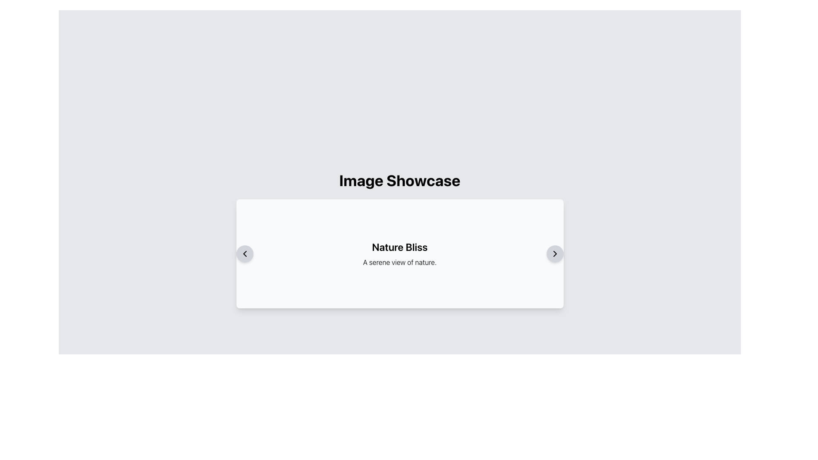 Image resolution: width=818 pixels, height=460 pixels. What do you see at coordinates (399, 253) in the screenshot?
I see `the Text Block that displays 'Nature Bliss' and 'A serene view of nature.'` at bounding box center [399, 253].